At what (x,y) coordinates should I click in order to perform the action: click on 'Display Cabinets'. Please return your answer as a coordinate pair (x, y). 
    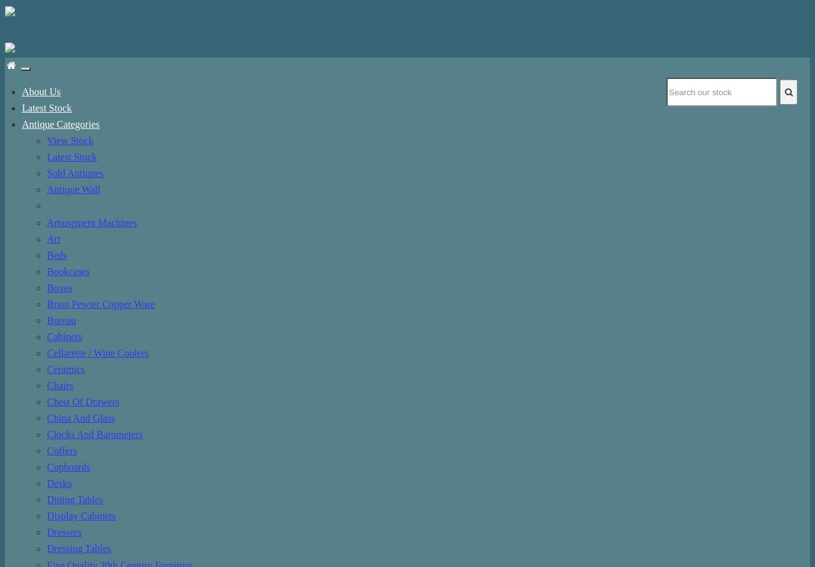
    Looking at the image, I should click on (47, 515).